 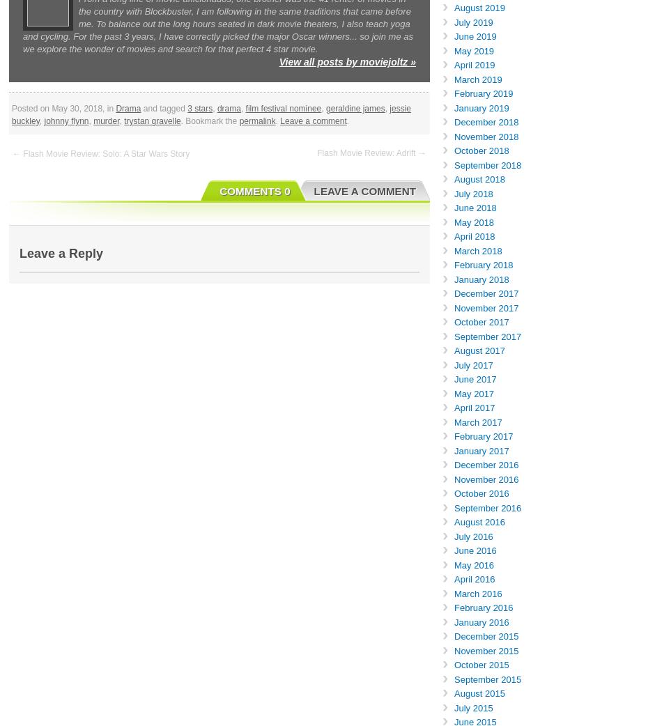 What do you see at coordinates (454, 222) in the screenshot?
I see `'May 2018'` at bounding box center [454, 222].